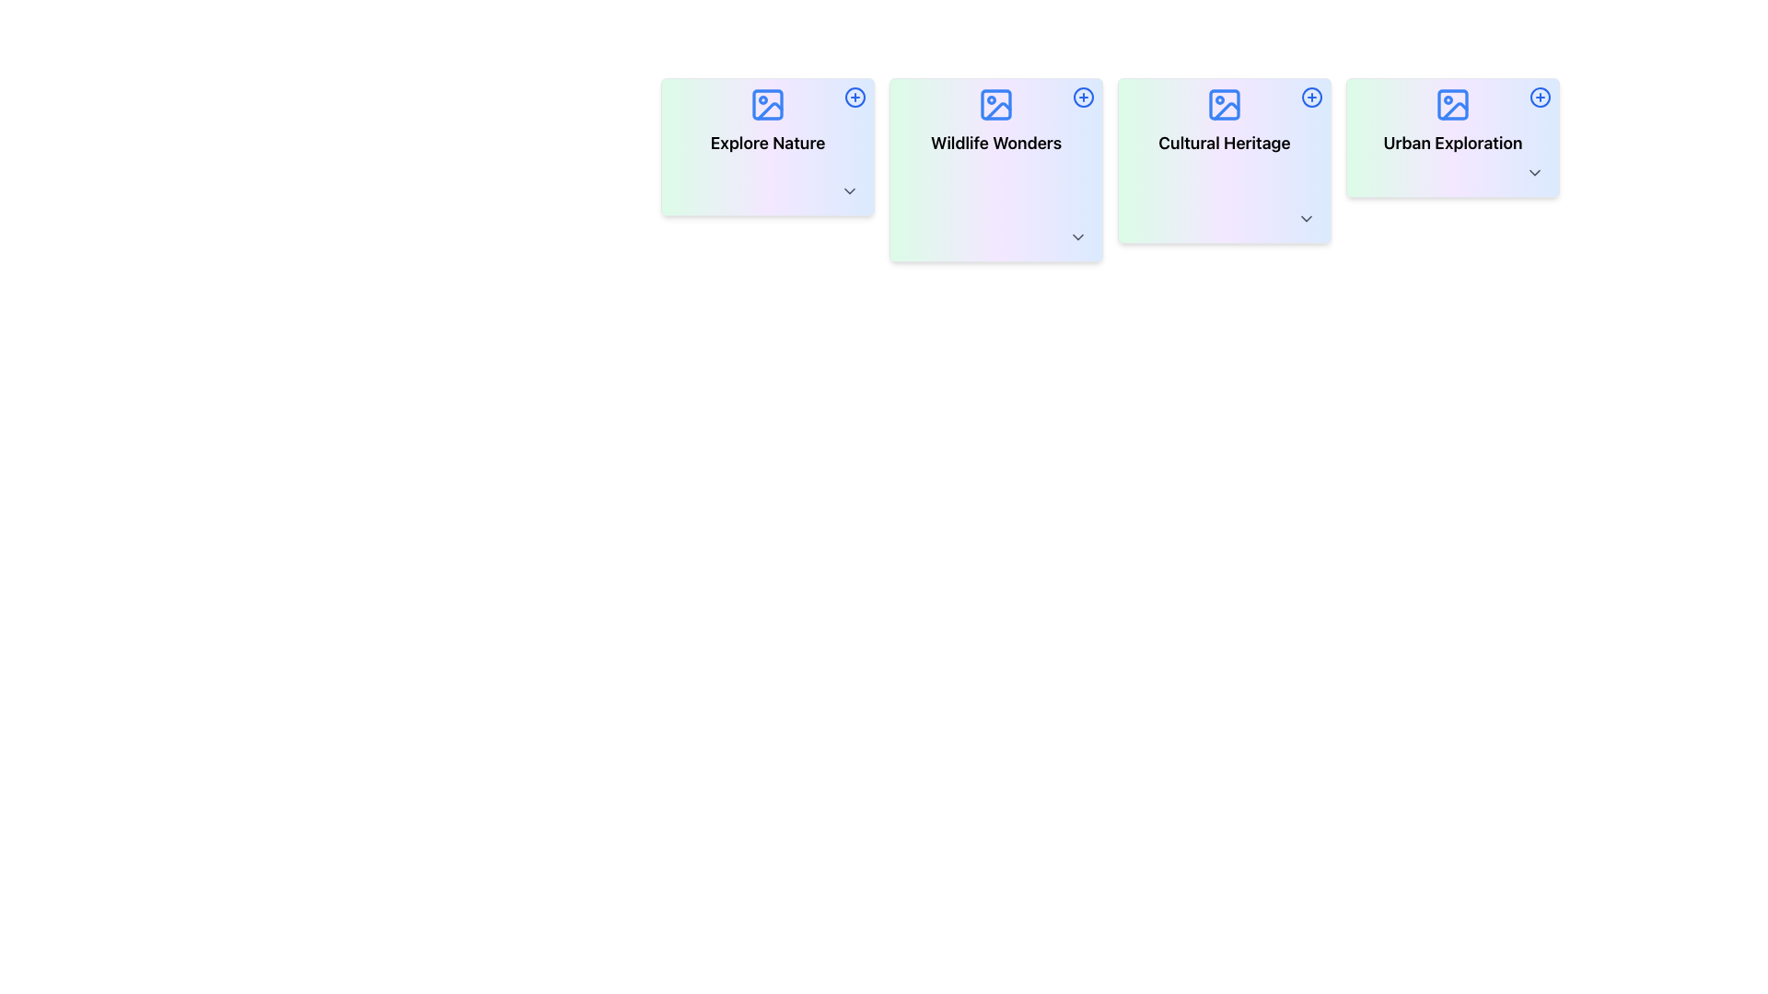 Image resolution: width=1768 pixels, height=994 pixels. Describe the element at coordinates (1452, 142) in the screenshot. I see `the text label located at the bottom-center of the rightmost card in a row of four cards, which describes the content of the card` at that location.